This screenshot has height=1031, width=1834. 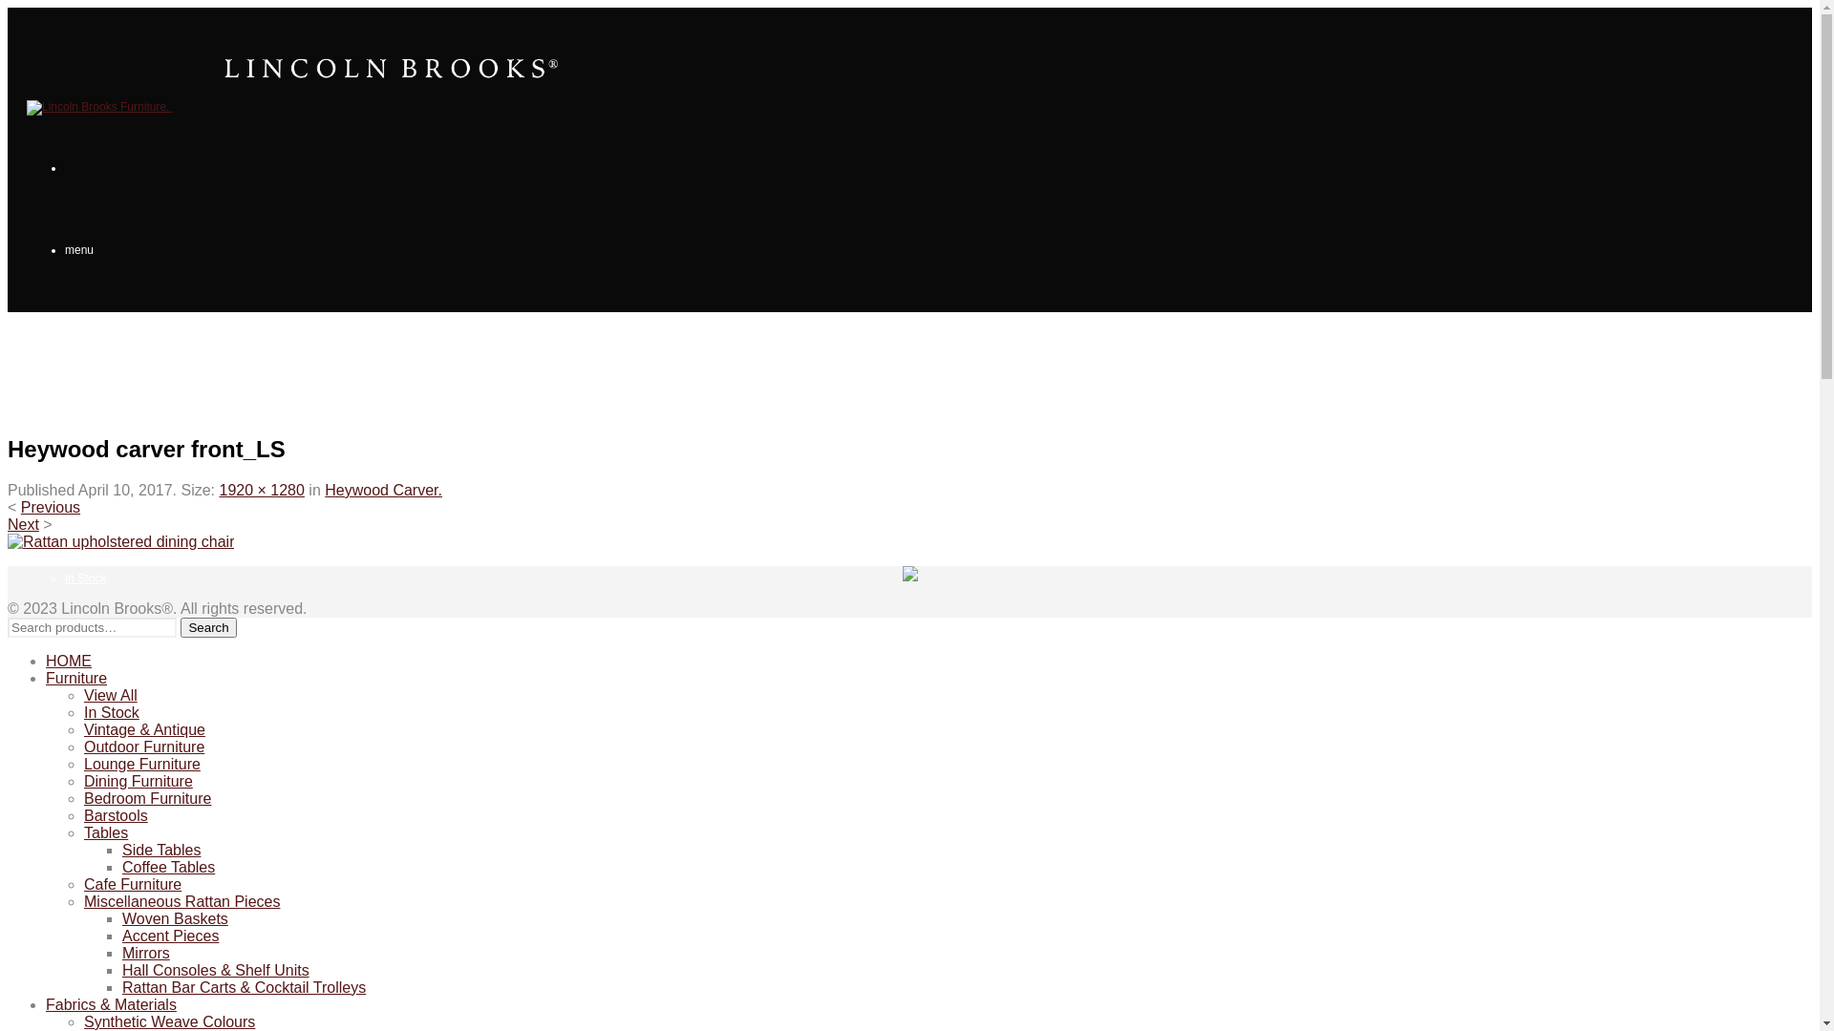 I want to click on 'In Stock', so click(x=84, y=577).